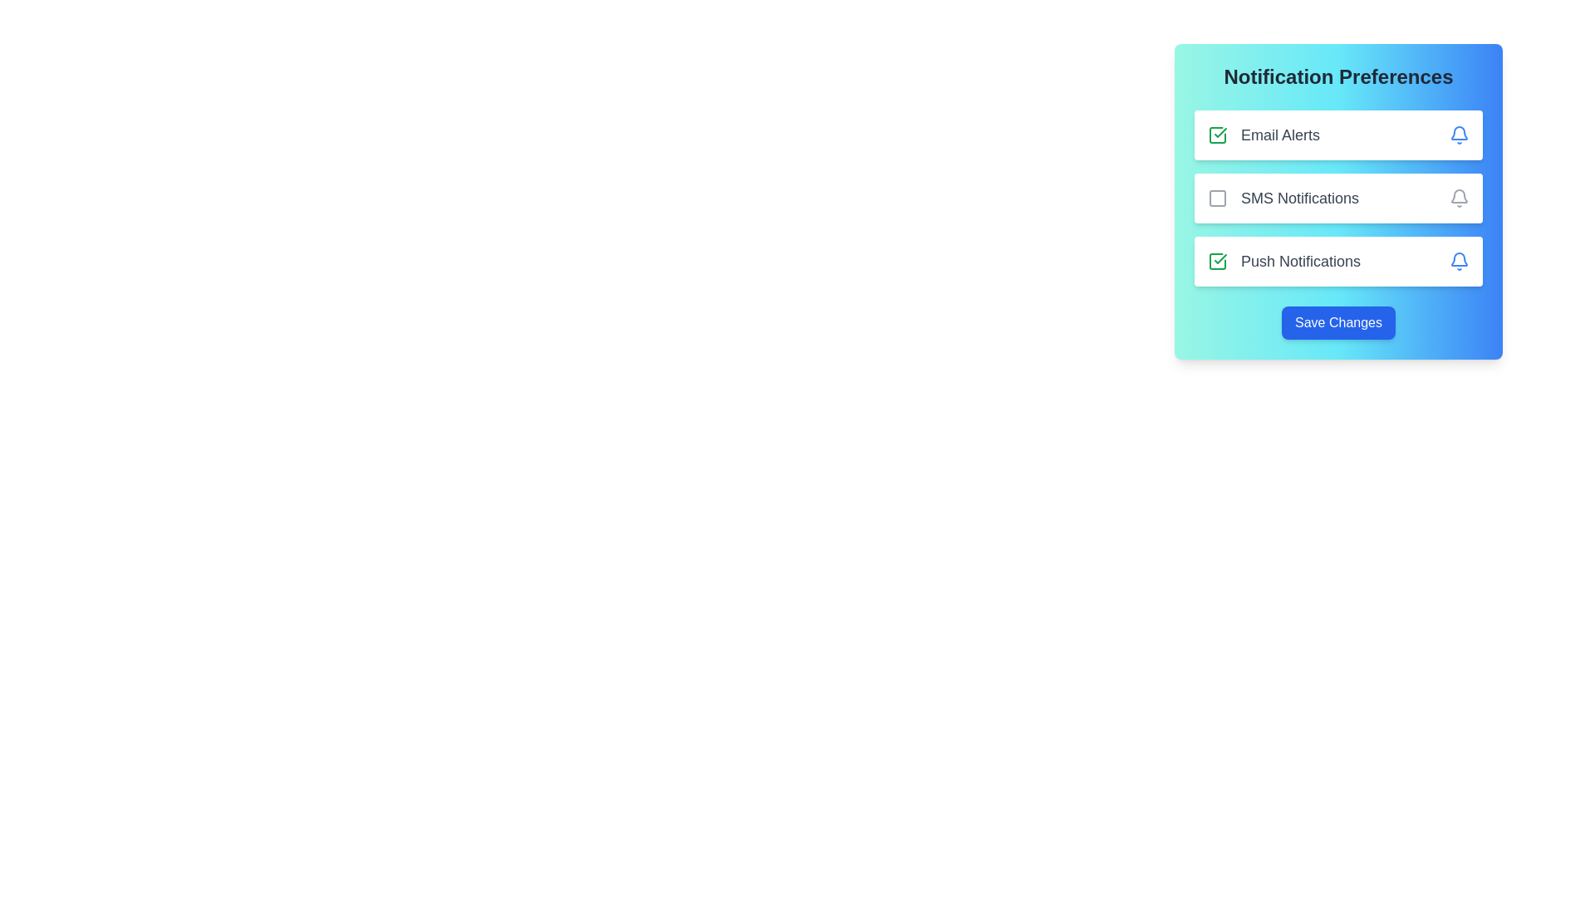 The image size is (1595, 897). I want to click on the checkmark icon in the 'Push Notifications' row, which indicates the activation of the setting, so click(1220, 131).